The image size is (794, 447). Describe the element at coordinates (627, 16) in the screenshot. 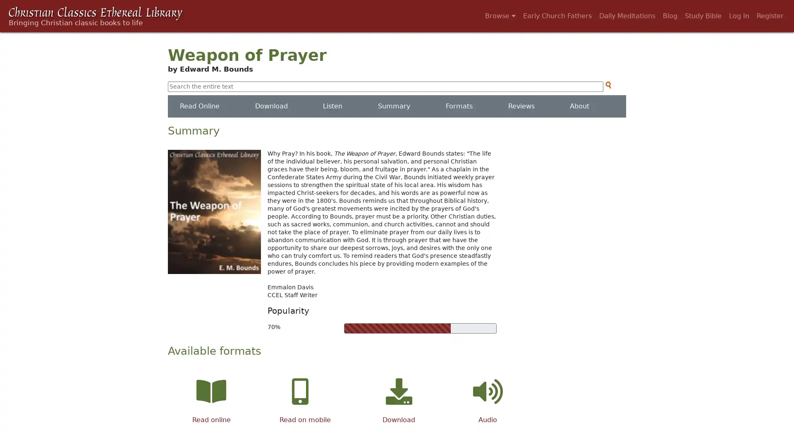

I see `Daily Meditations` at that location.